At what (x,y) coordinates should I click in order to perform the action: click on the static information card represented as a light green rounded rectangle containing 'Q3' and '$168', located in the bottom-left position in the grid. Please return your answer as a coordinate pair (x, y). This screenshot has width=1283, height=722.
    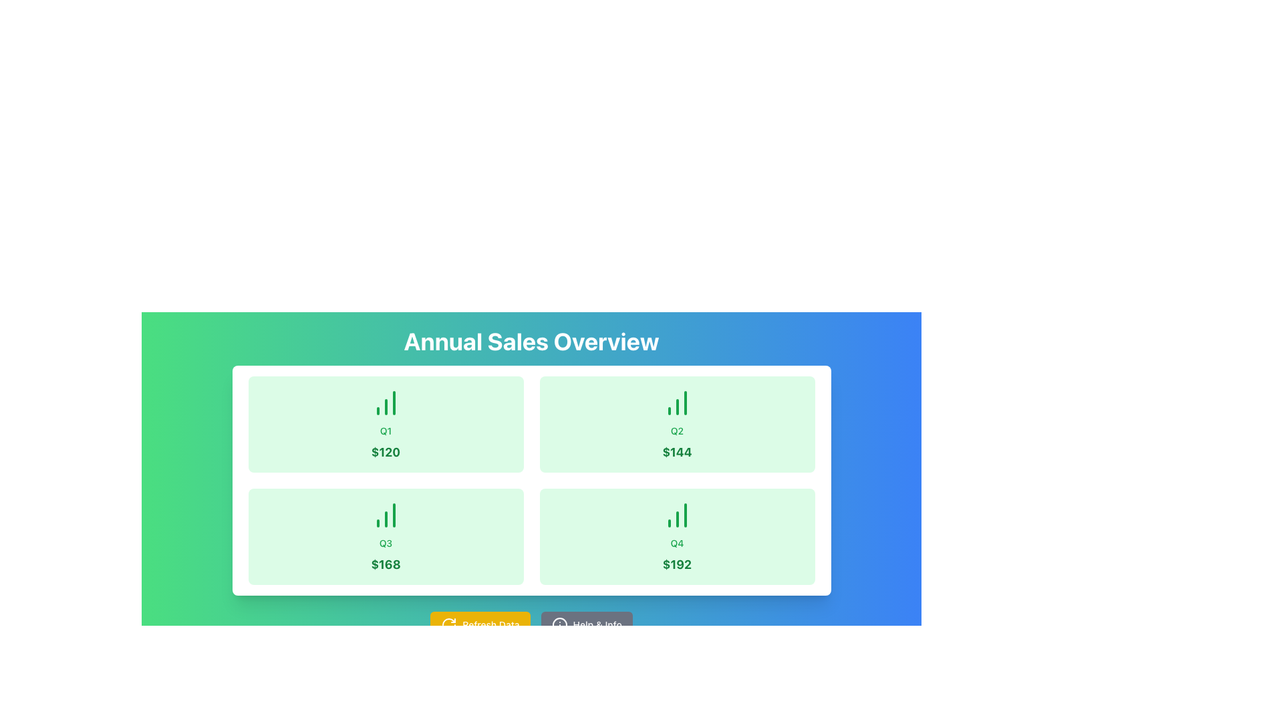
    Looking at the image, I should click on (385, 535).